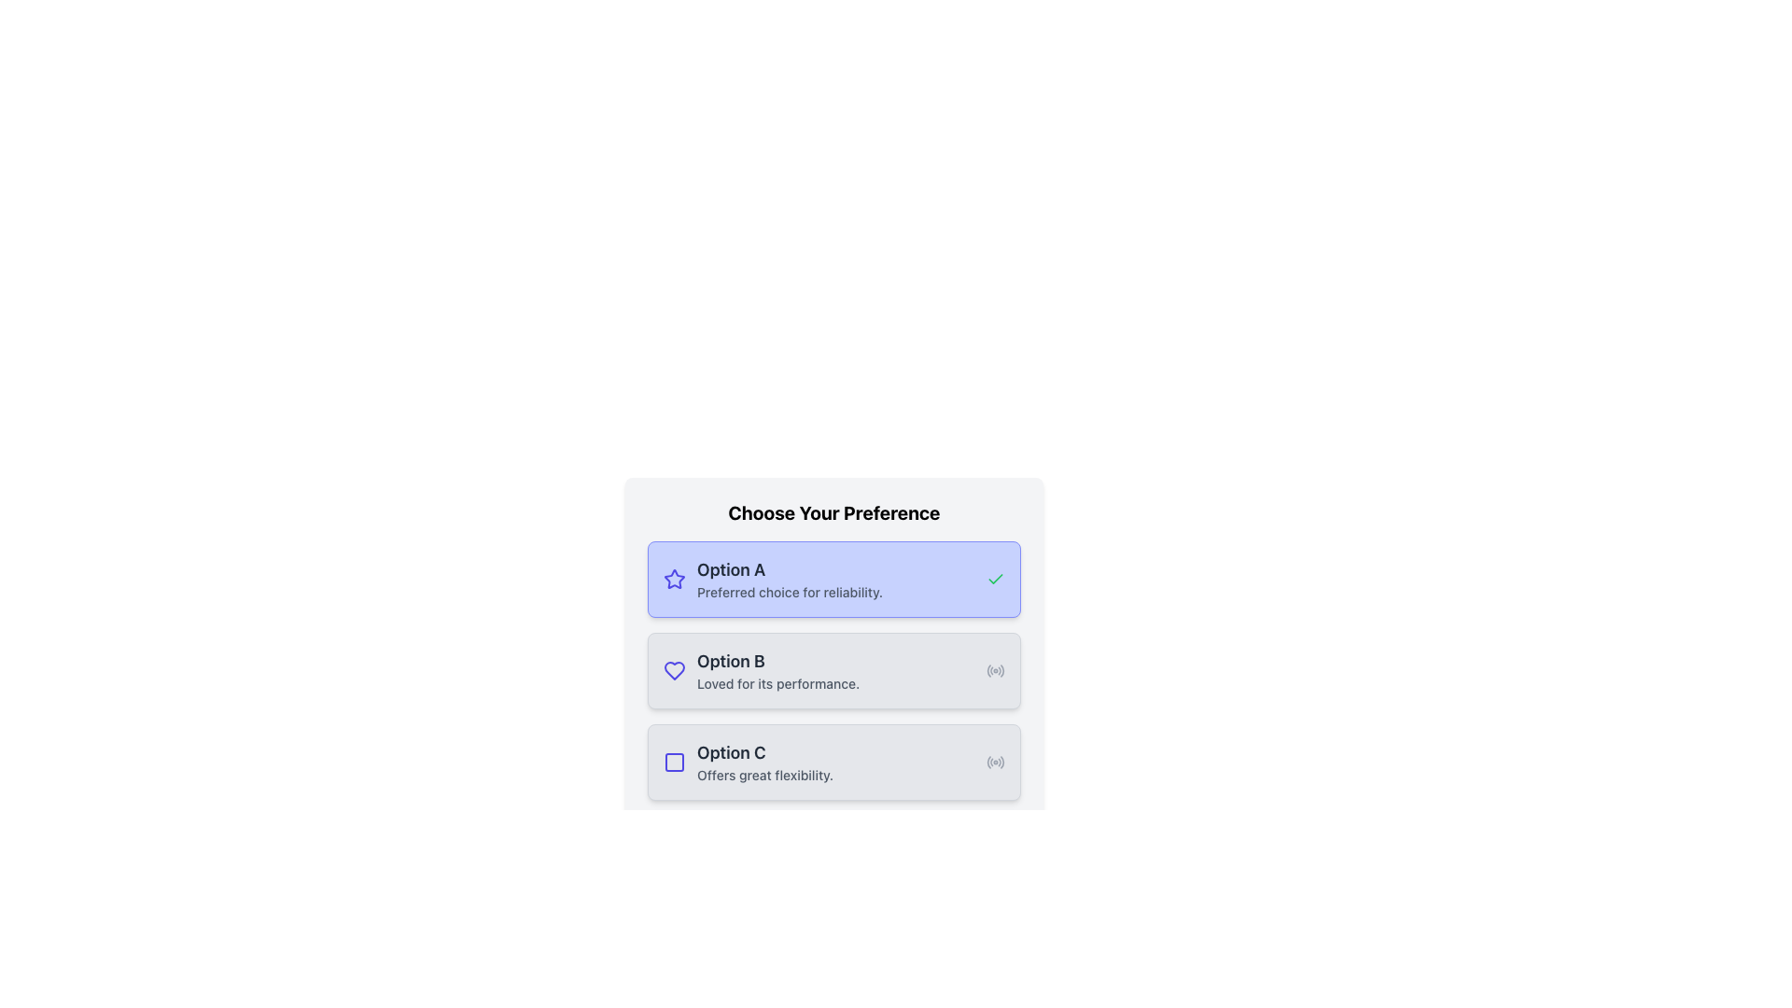  I want to click on the SVG radio signal icon located in the 'Option C' section of the selectable list interface, which features concentric lines in a minimalistic gray design, so click(994, 763).